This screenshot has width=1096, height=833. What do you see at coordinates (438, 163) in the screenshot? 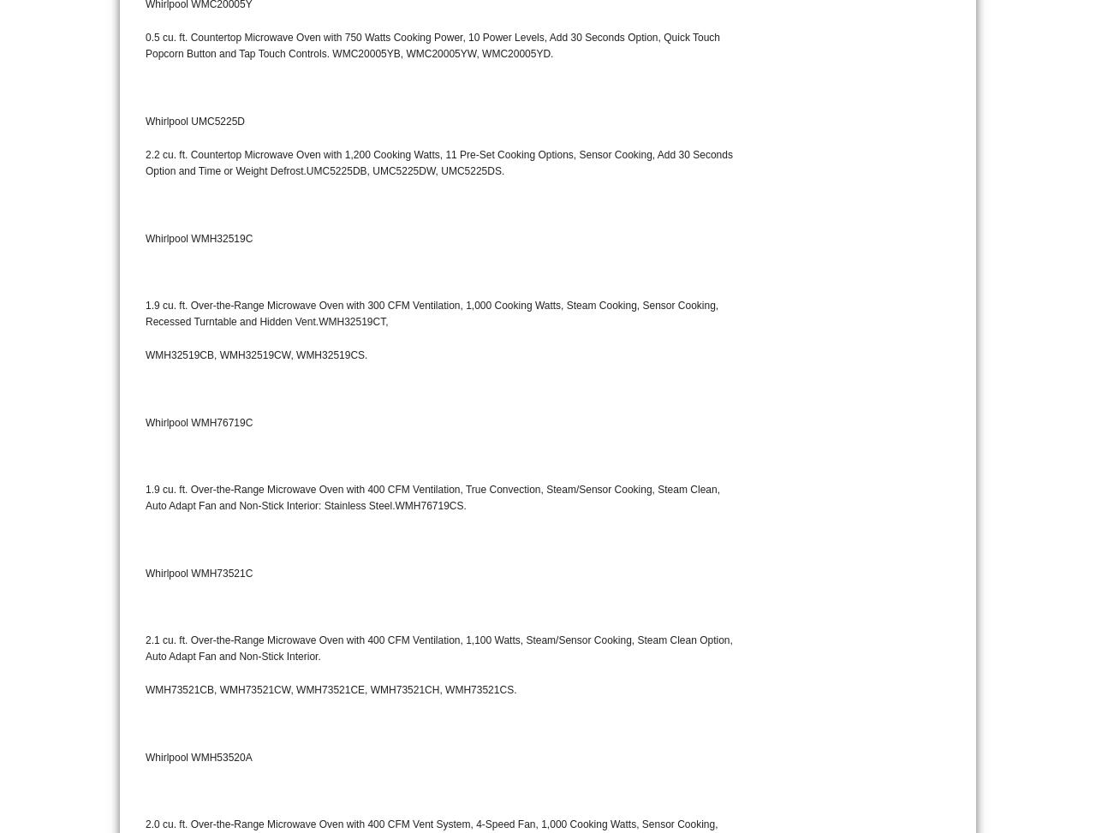
I see `'2.2 cu. ft. Countertop Microwave Oven with 1,200 Cooking Watts, 11 Pre-Set Cooking Options, Sensor Cooking, Add 30 Seconds Option and Time or Weight Defrost.UMC5225DB, UMC5225DW, UMC5225DS.'` at bounding box center [438, 163].